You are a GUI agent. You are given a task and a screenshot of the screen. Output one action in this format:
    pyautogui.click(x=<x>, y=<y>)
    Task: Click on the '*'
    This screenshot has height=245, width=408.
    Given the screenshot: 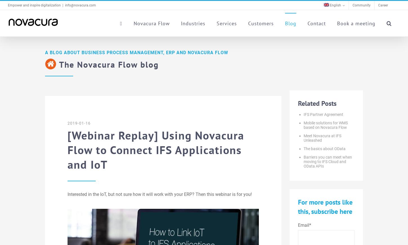 What is the action you would take?
    pyautogui.click(x=310, y=225)
    